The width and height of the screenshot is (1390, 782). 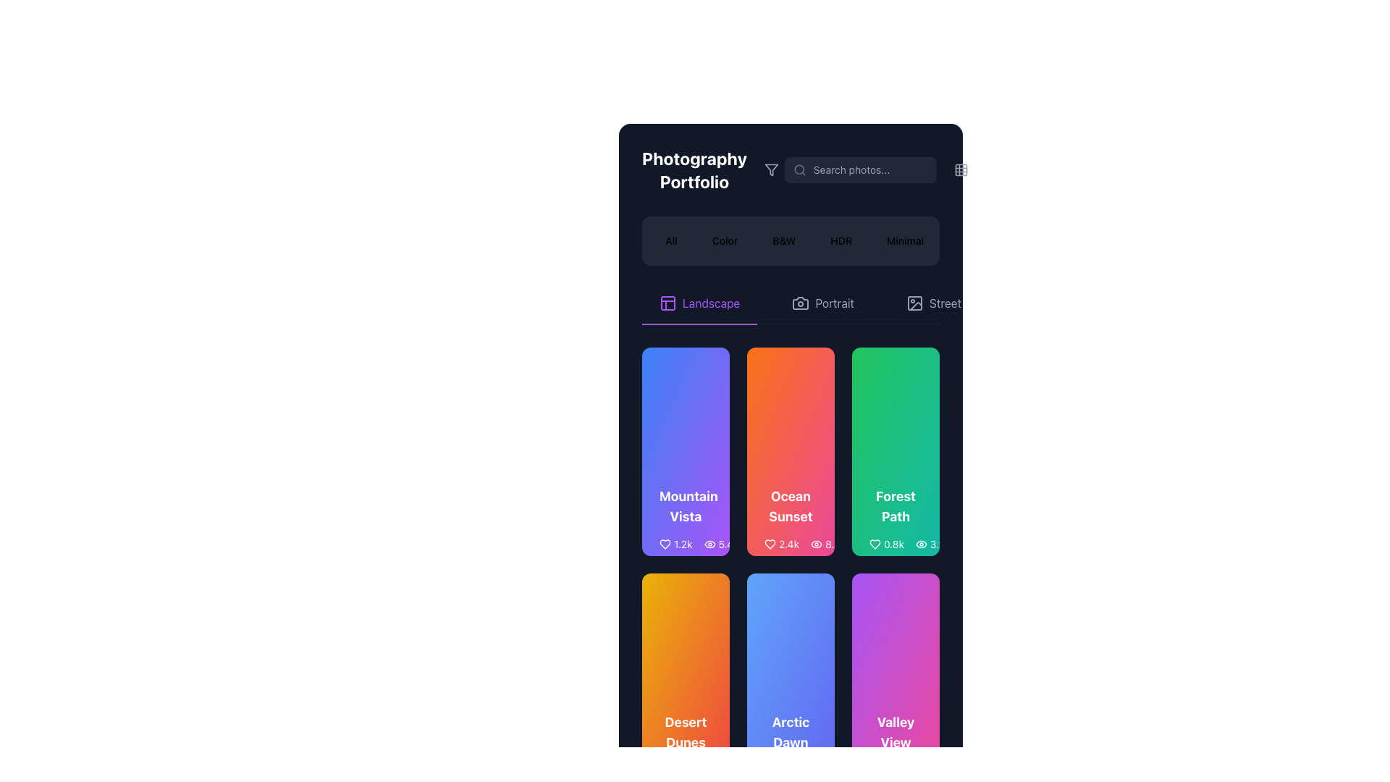 What do you see at coordinates (914, 303) in the screenshot?
I see `the icon button, which is the last in the row of photographic category buttons` at bounding box center [914, 303].